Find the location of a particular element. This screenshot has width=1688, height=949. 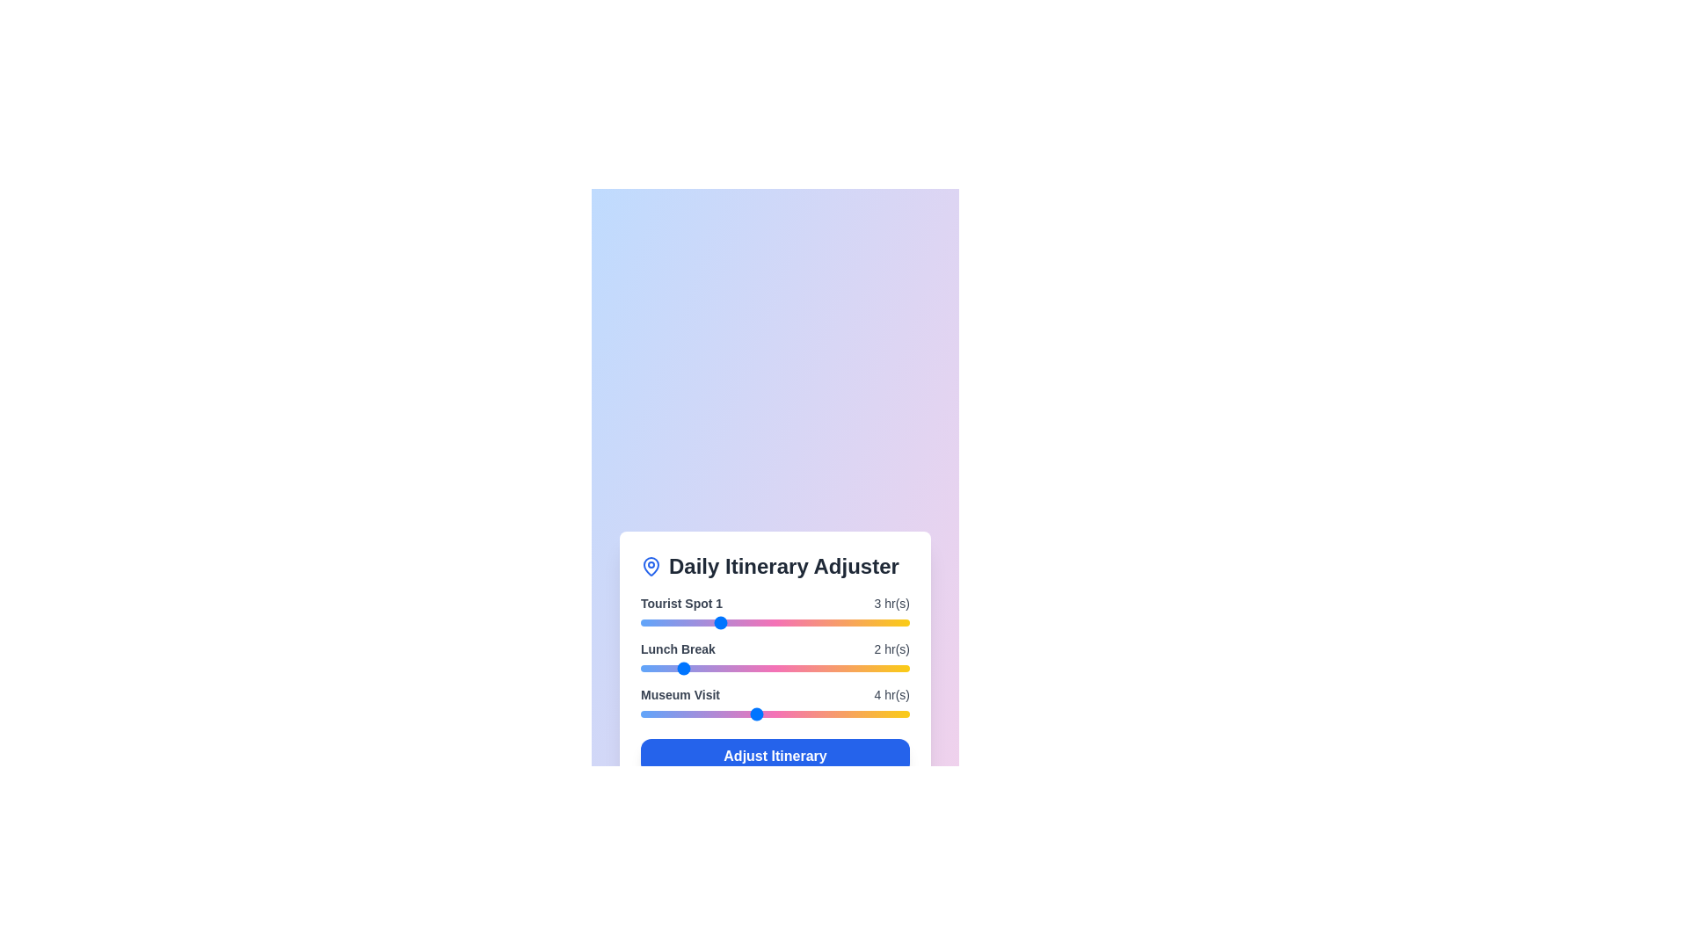

the duration of the activity to 1 hours using the slider is located at coordinates (640, 622).